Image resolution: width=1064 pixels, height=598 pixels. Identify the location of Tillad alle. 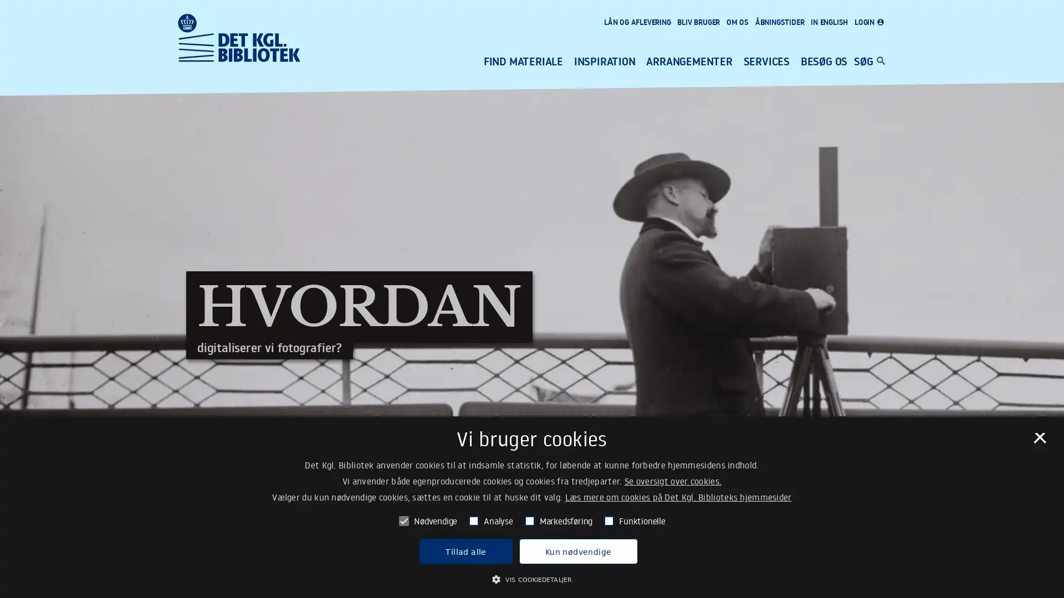
(465, 551).